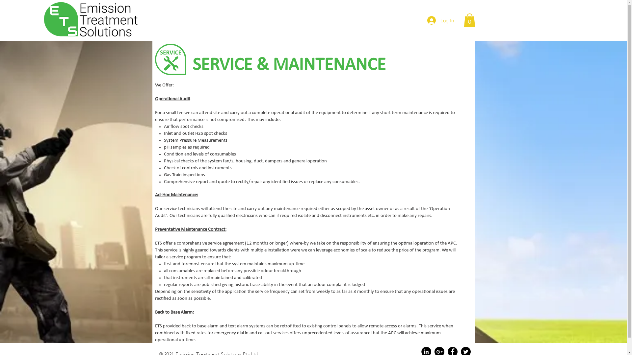 This screenshot has width=632, height=355. I want to click on '0', so click(469, 20).